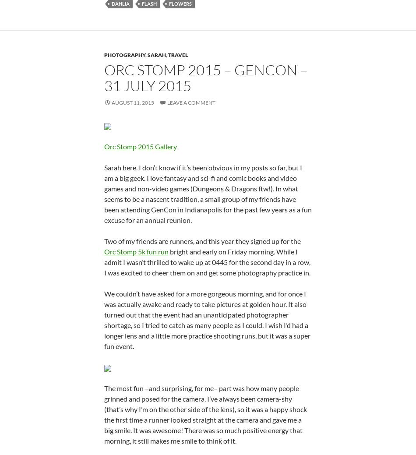 Image resolution: width=416 pixels, height=455 pixels. I want to click on 'Orc Stomp 5k fun run', so click(136, 251).